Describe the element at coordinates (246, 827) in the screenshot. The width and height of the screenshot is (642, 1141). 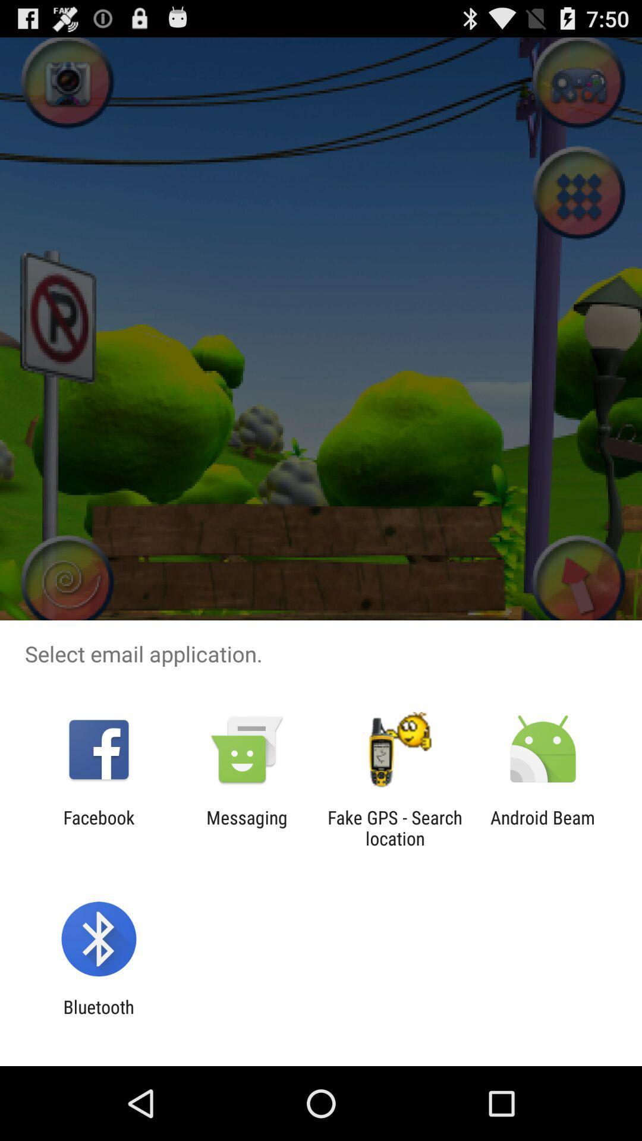
I see `the icon next to the fake gps search` at that location.